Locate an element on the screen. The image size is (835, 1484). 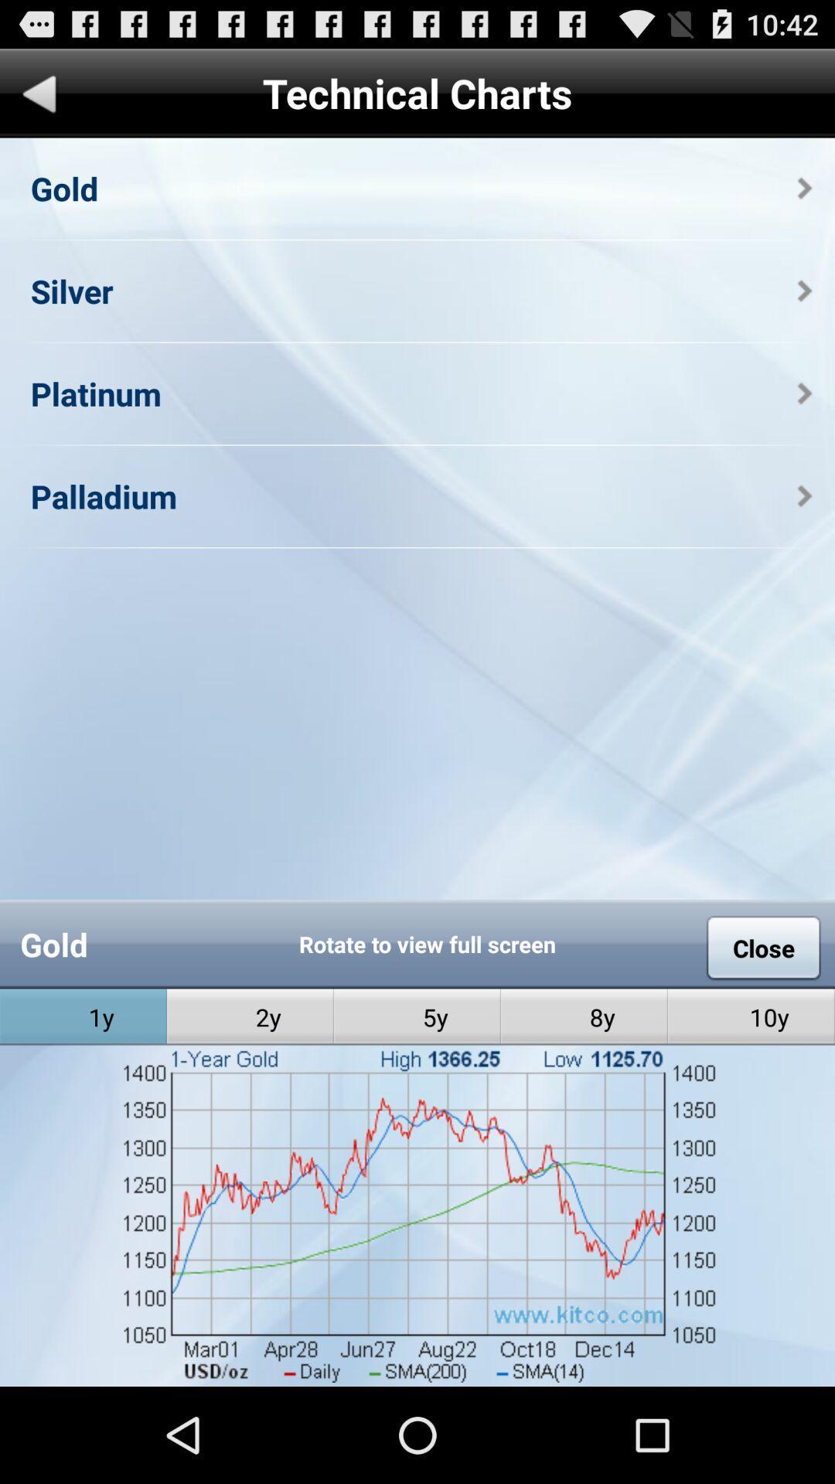
the date option is located at coordinates (417, 1335).